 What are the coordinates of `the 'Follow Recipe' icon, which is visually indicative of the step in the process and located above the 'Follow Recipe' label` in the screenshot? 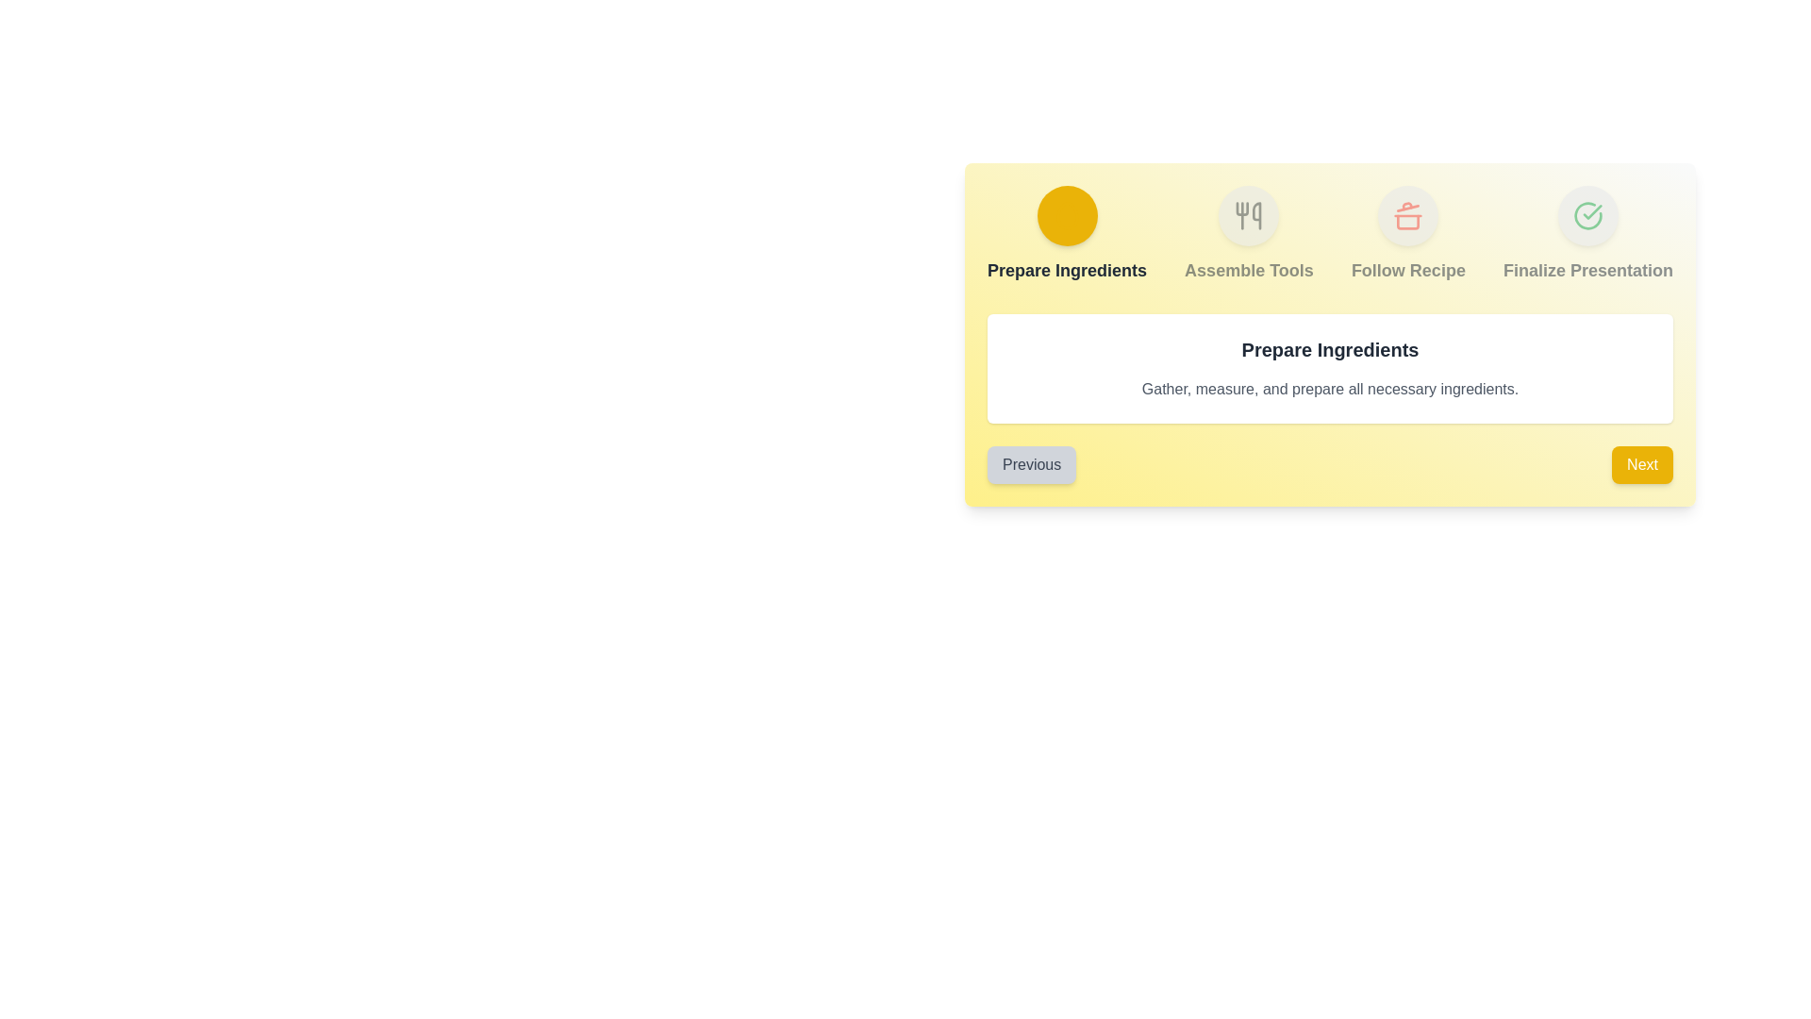 It's located at (1408, 214).